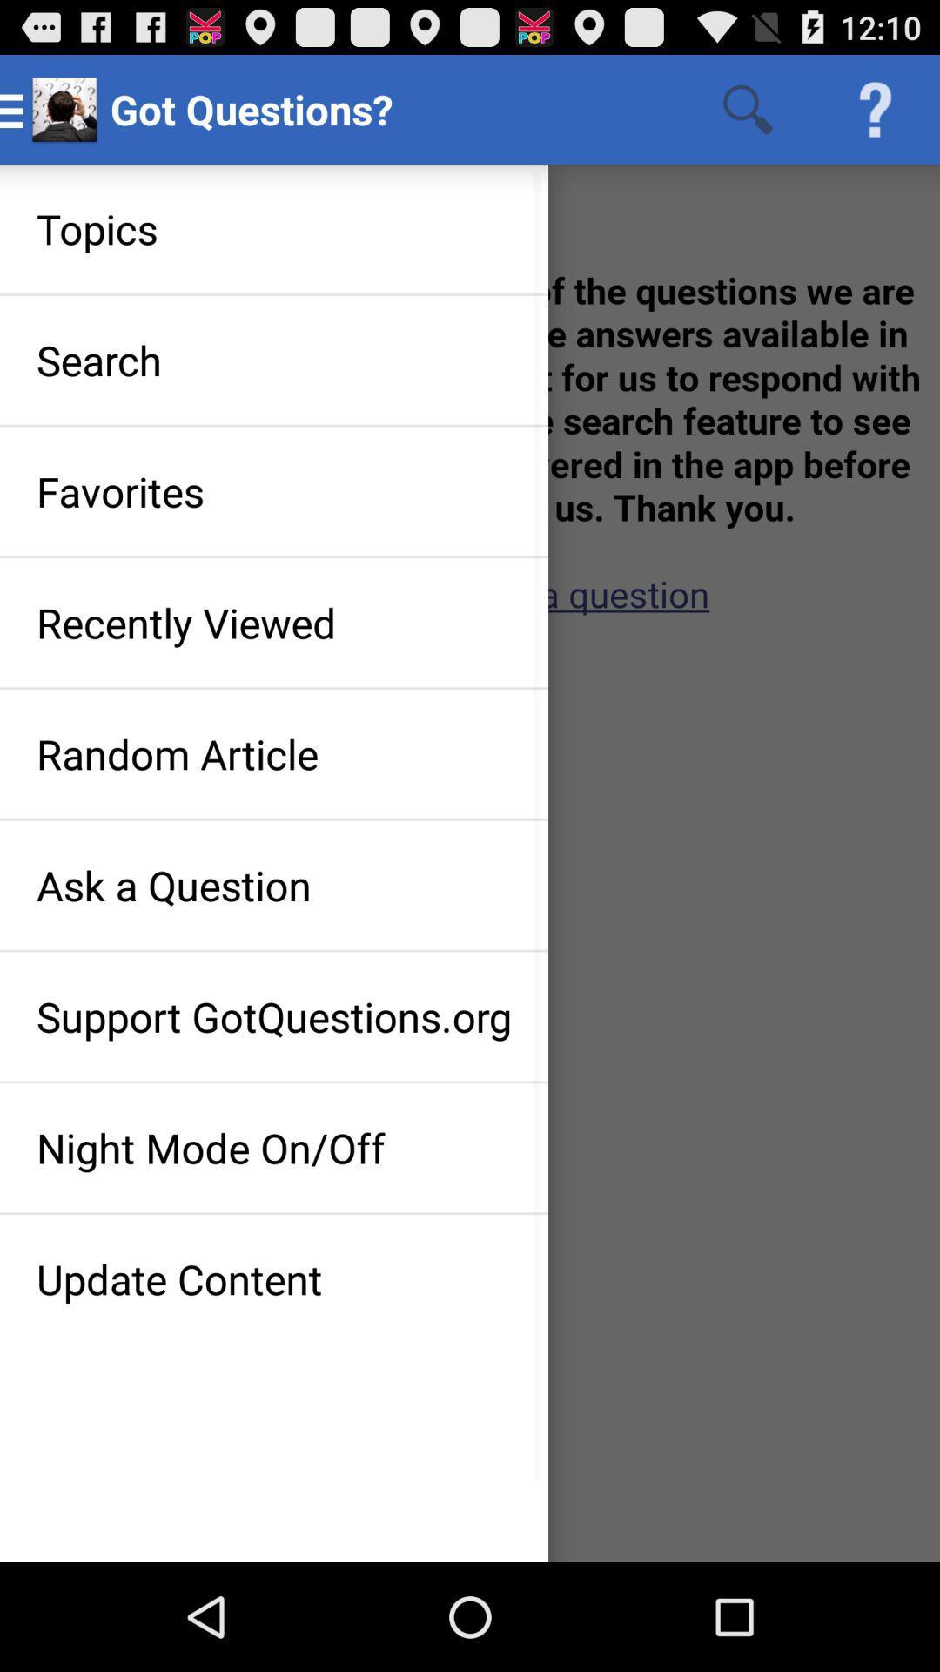  Describe the element at coordinates (747, 108) in the screenshot. I see `the search icon` at that location.